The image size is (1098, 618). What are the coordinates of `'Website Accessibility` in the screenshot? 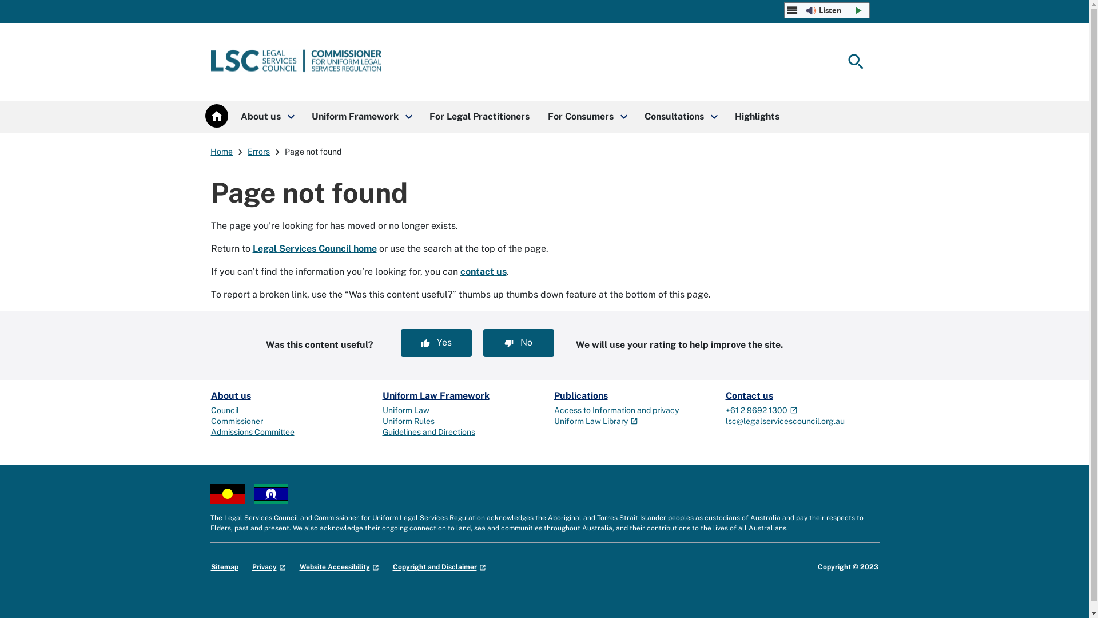 It's located at (339, 567).